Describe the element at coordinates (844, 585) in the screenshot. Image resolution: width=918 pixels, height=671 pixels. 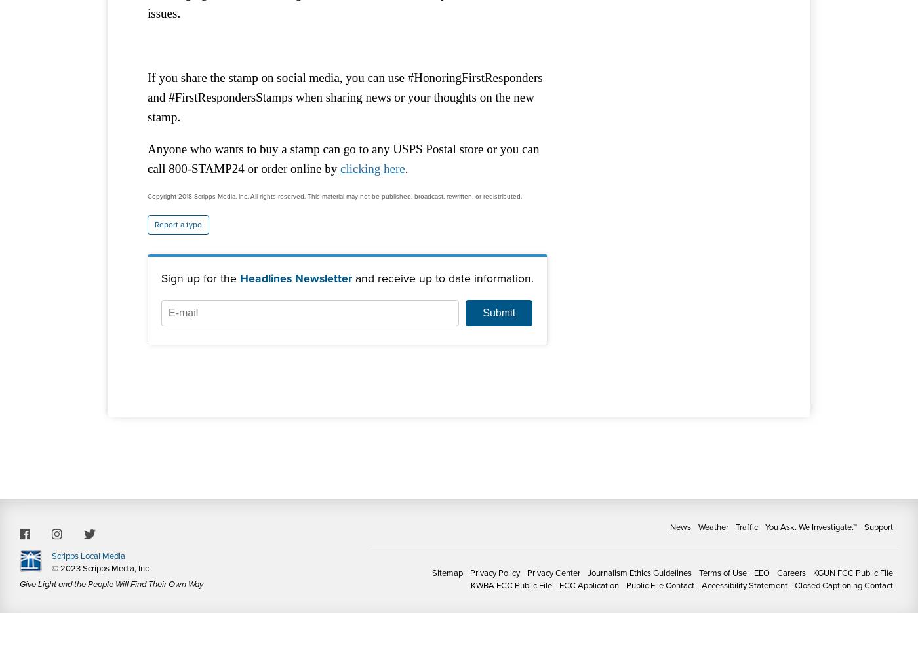
I see `'Closed Captioning Contact'` at that location.